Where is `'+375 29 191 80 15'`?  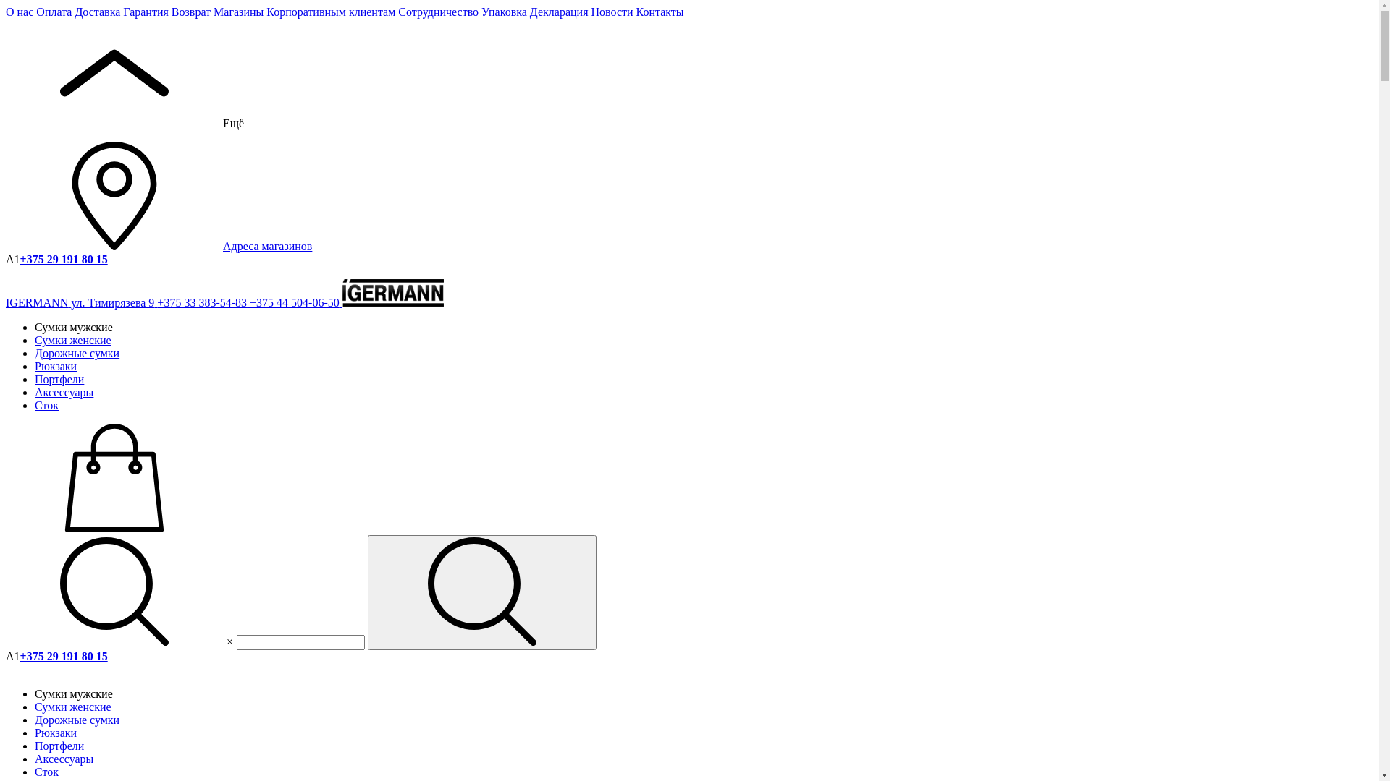
'+375 29 191 80 15' is located at coordinates (20, 656).